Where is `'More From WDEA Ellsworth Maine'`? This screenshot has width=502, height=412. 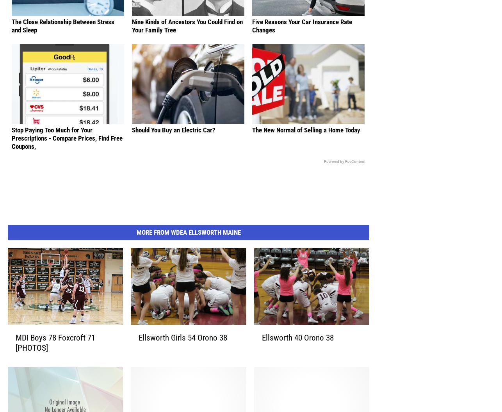 'More From WDEA Ellsworth Maine' is located at coordinates (188, 244).